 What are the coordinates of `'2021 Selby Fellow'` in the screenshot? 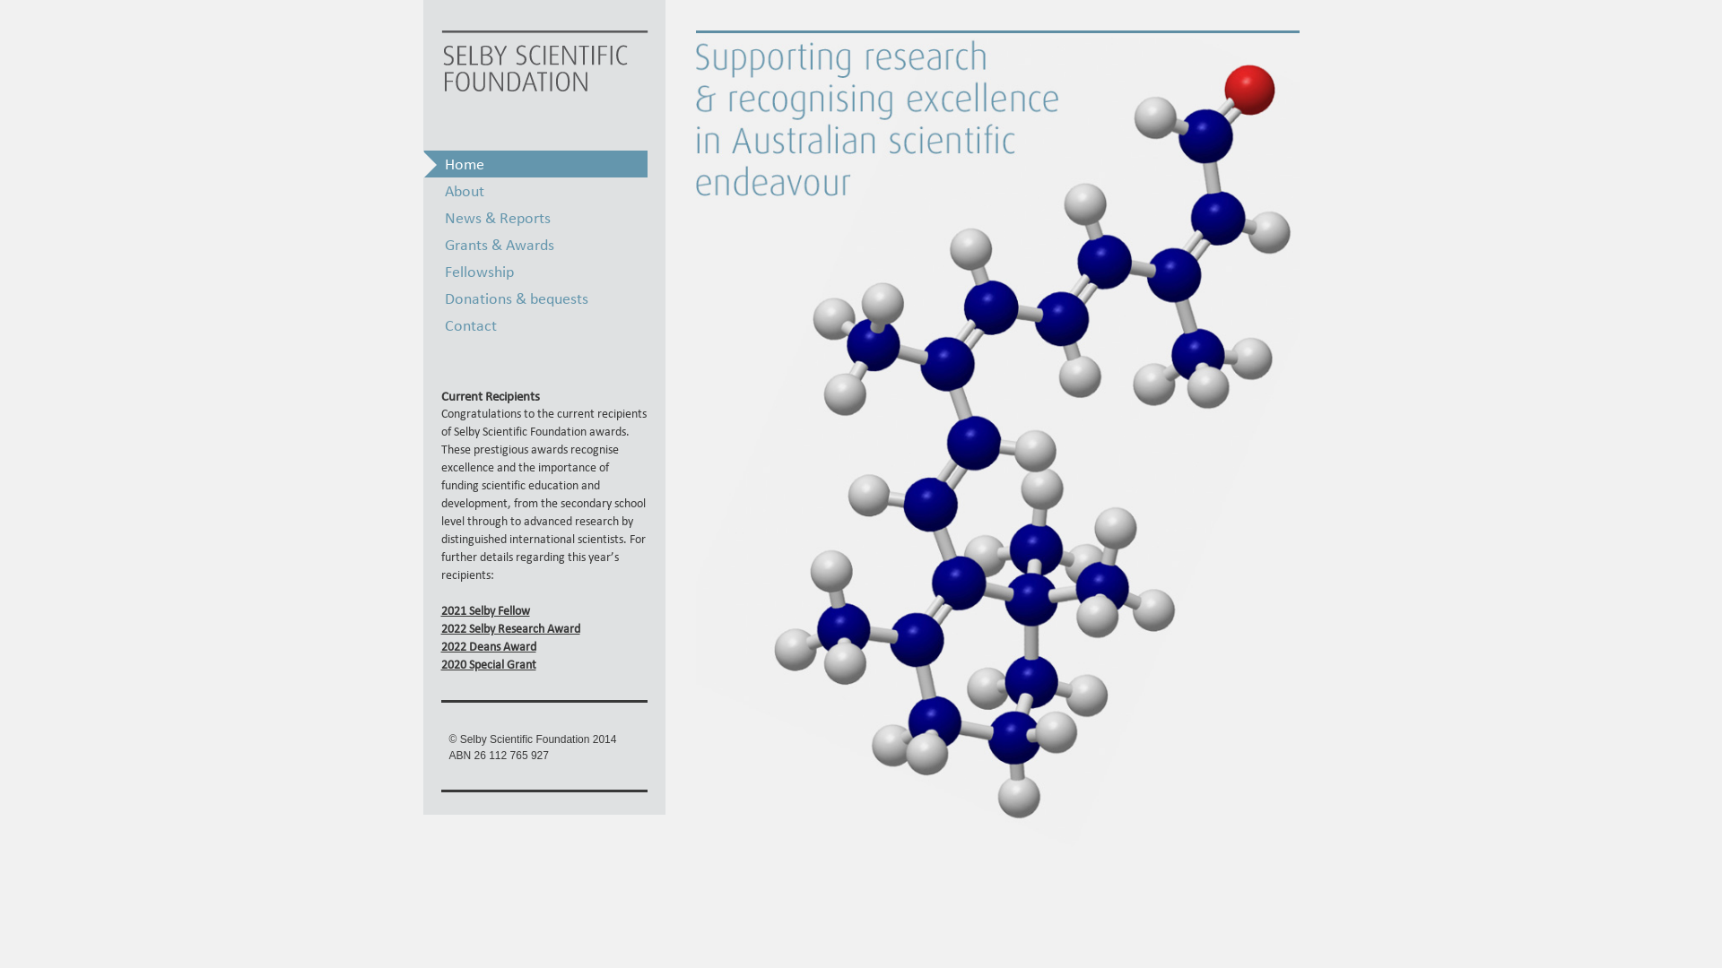 It's located at (543, 610).